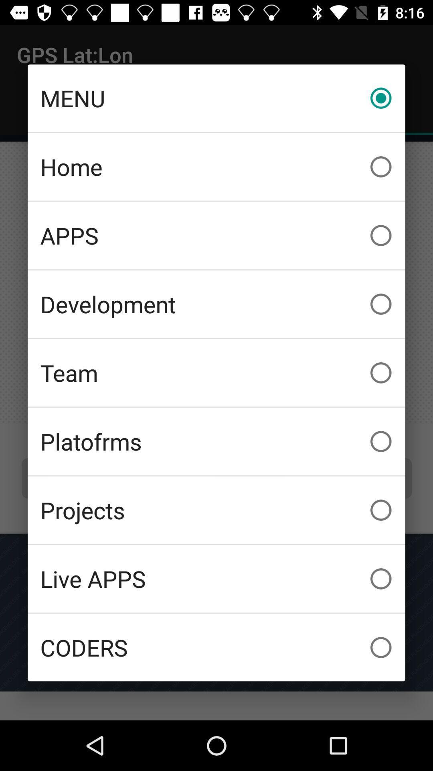 The width and height of the screenshot is (433, 771). What do you see at coordinates (216, 166) in the screenshot?
I see `home` at bounding box center [216, 166].